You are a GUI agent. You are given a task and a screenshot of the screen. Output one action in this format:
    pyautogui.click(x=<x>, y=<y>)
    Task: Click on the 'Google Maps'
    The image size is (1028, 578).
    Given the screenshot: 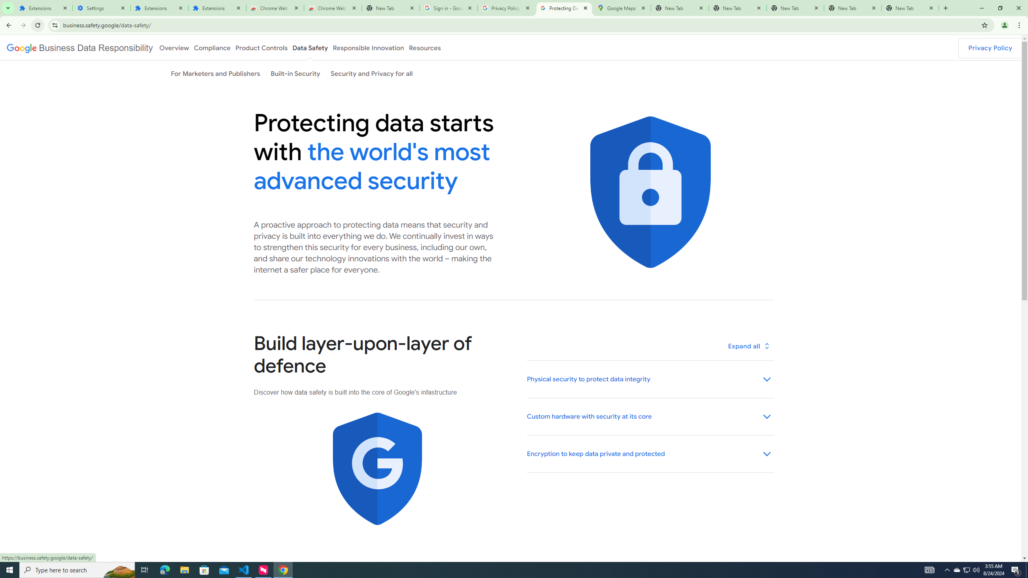 What is the action you would take?
    pyautogui.click(x=622, y=8)
    